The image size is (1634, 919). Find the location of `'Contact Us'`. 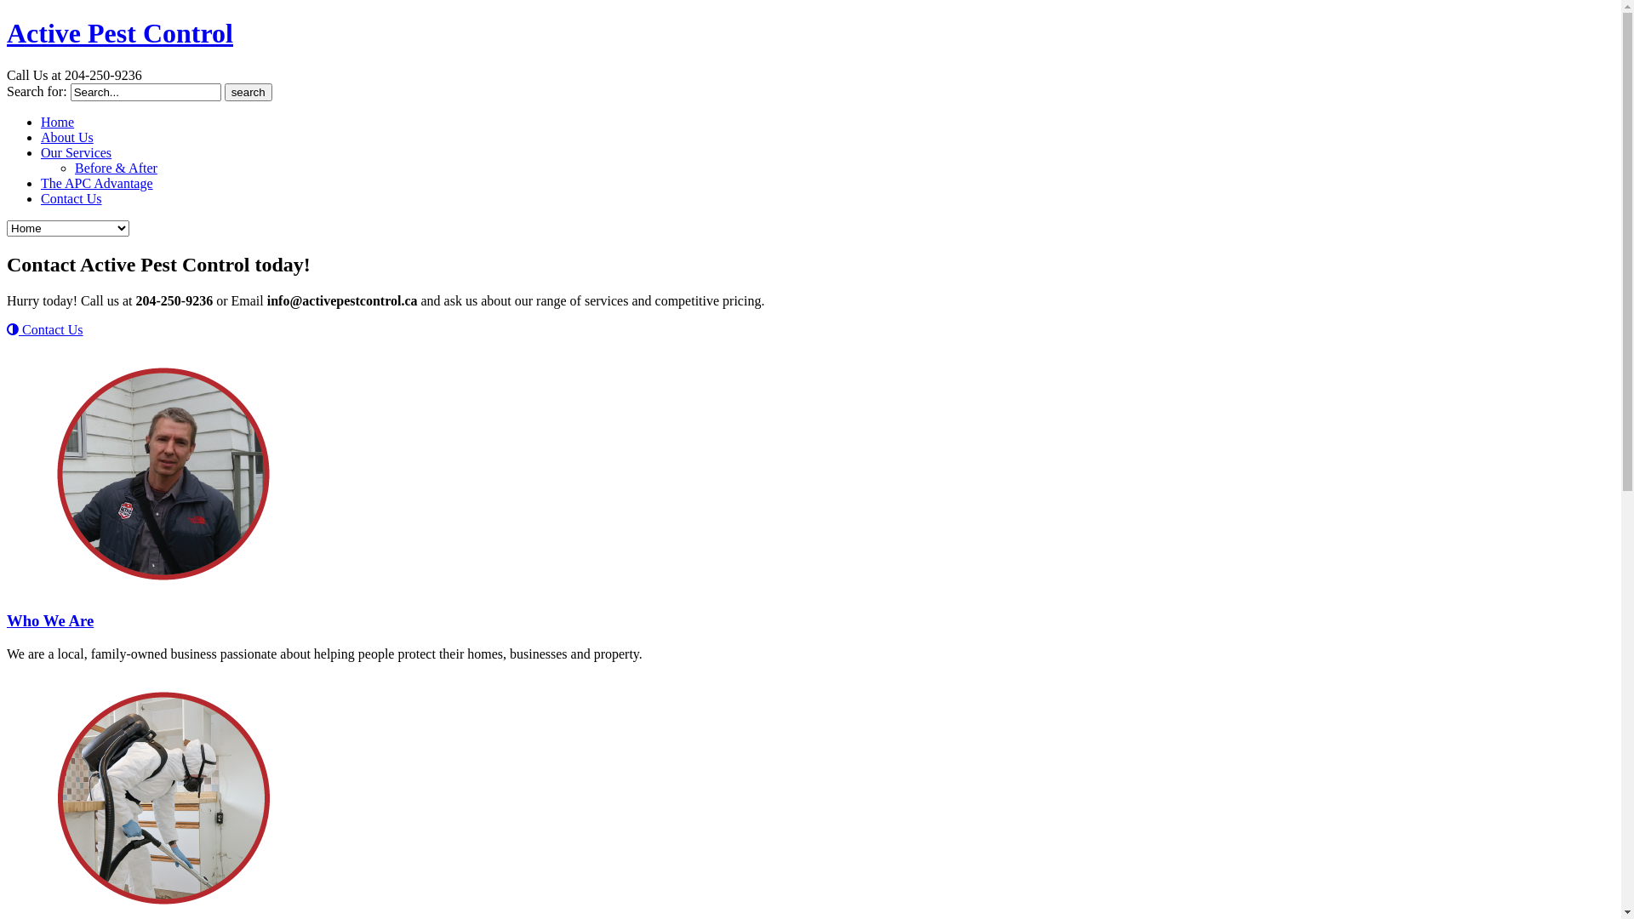

'Contact Us' is located at coordinates (41, 197).